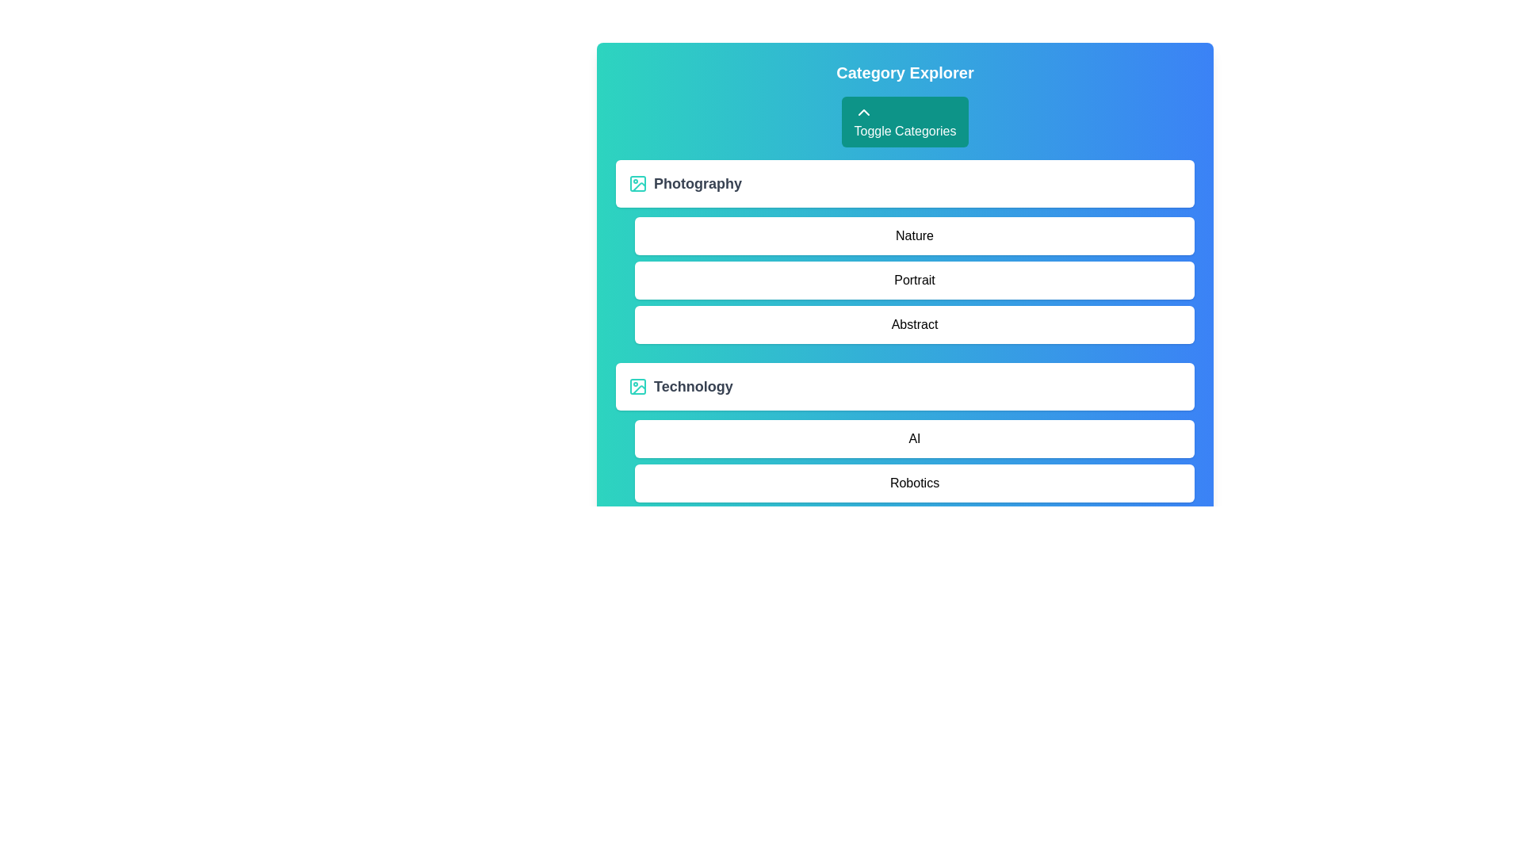 The image size is (1522, 856). Describe the element at coordinates (914, 235) in the screenshot. I see `the item Nature from the category Photography` at that location.